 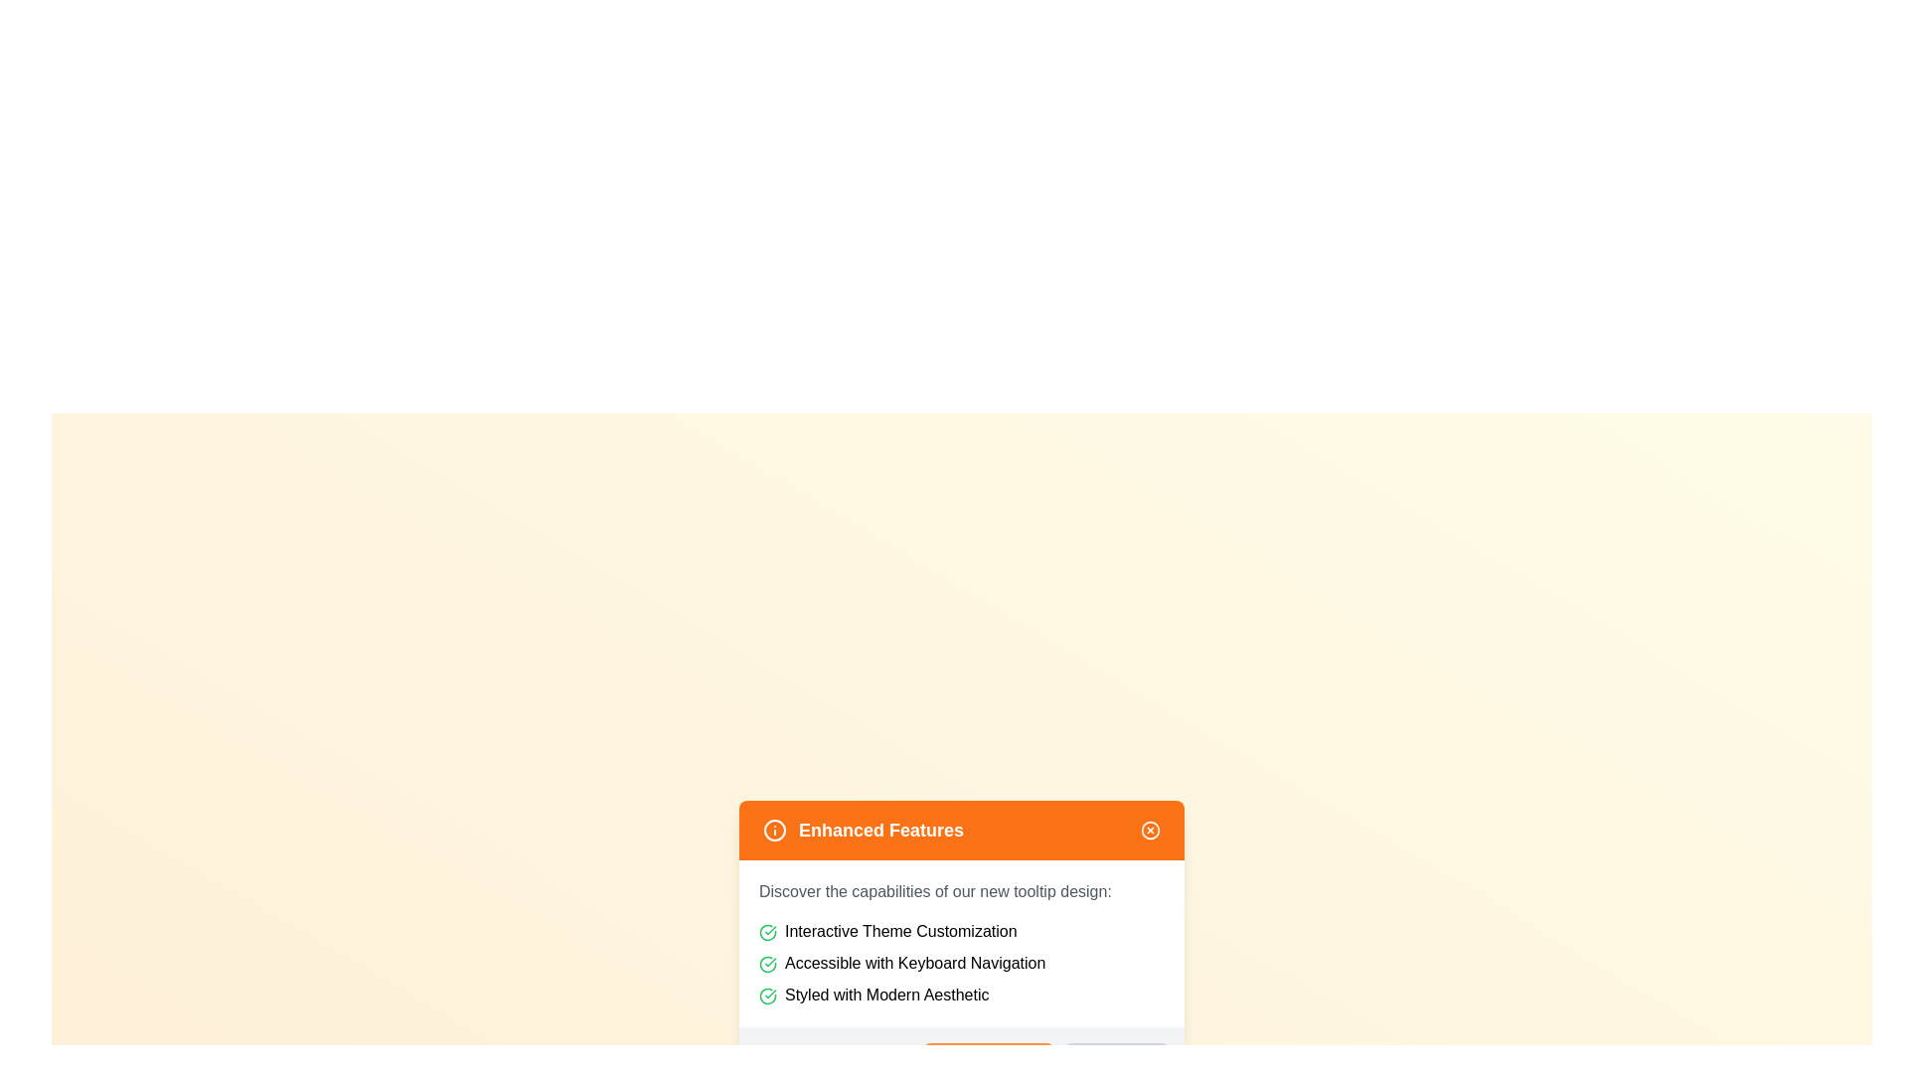 I want to click on the close button located at the far right of the orange header labeled 'Enhanced Features', so click(x=1150, y=831).